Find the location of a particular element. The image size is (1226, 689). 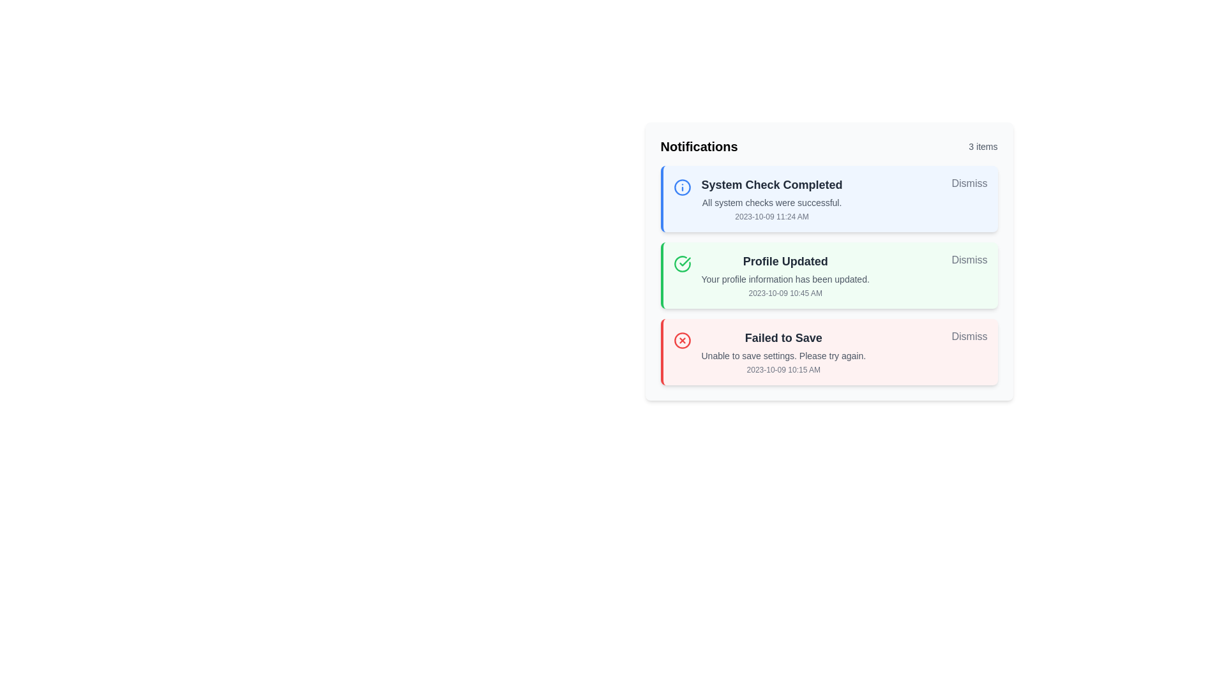

the text label displaying 'Profile Updated' is located at coordinates (785, 260).